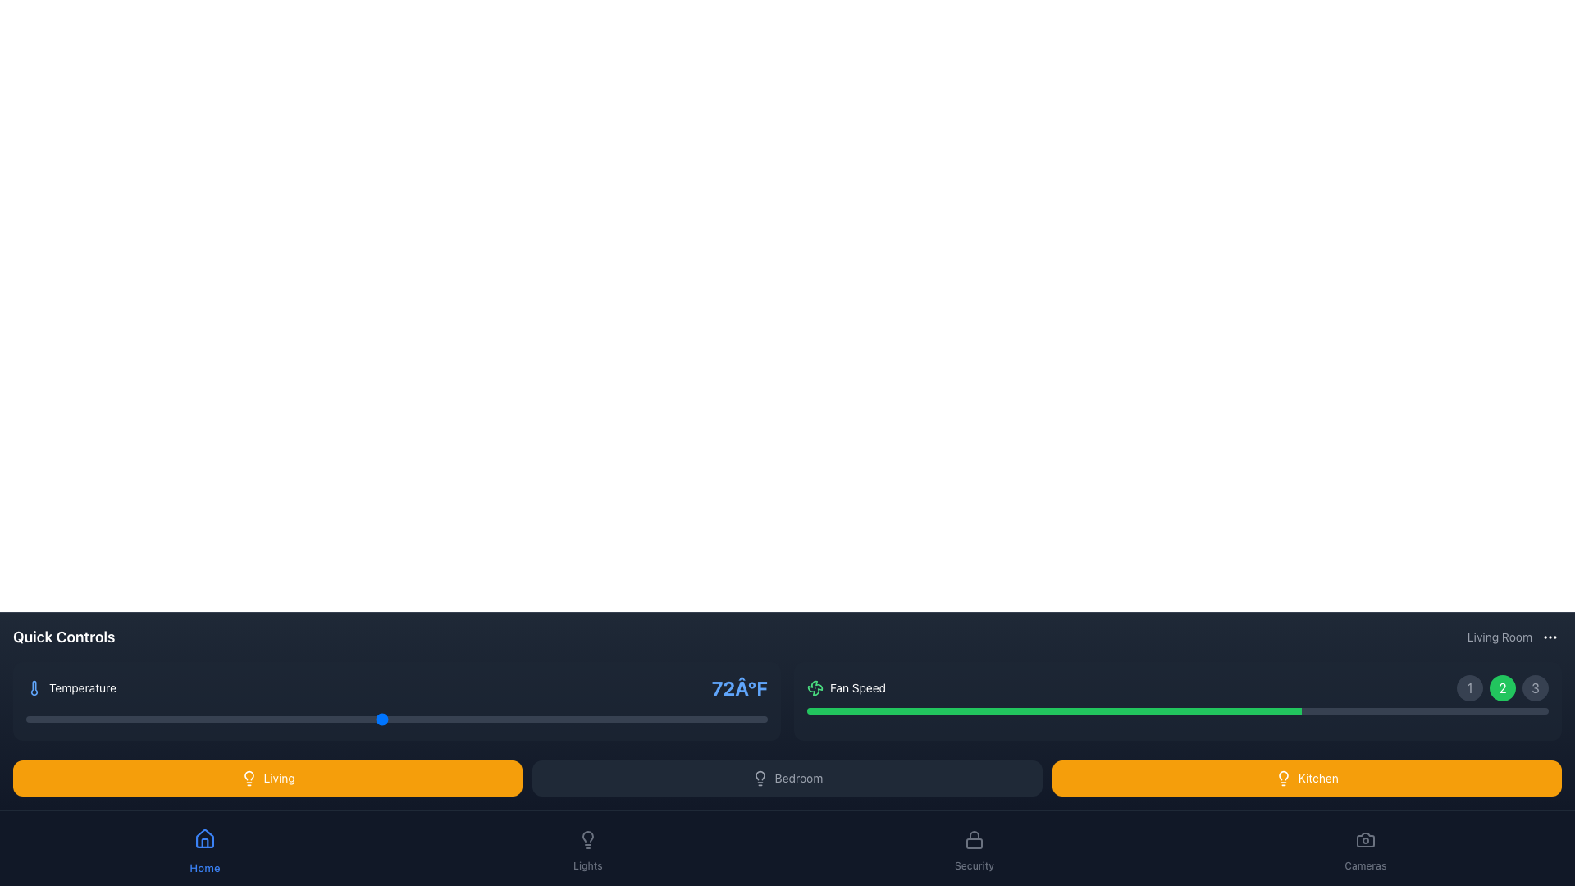 The image size is (1575, 886). Describe the element at coordinates (787, 777) in the screenshot. I see `the 'Bedroom' button, which is a rectangular button with rounded corners, dark gray background, light gray text, and a lightbulb icon, located between the 'Living' and 'Kitchen' buttons in the lower part of the interface` at that location.